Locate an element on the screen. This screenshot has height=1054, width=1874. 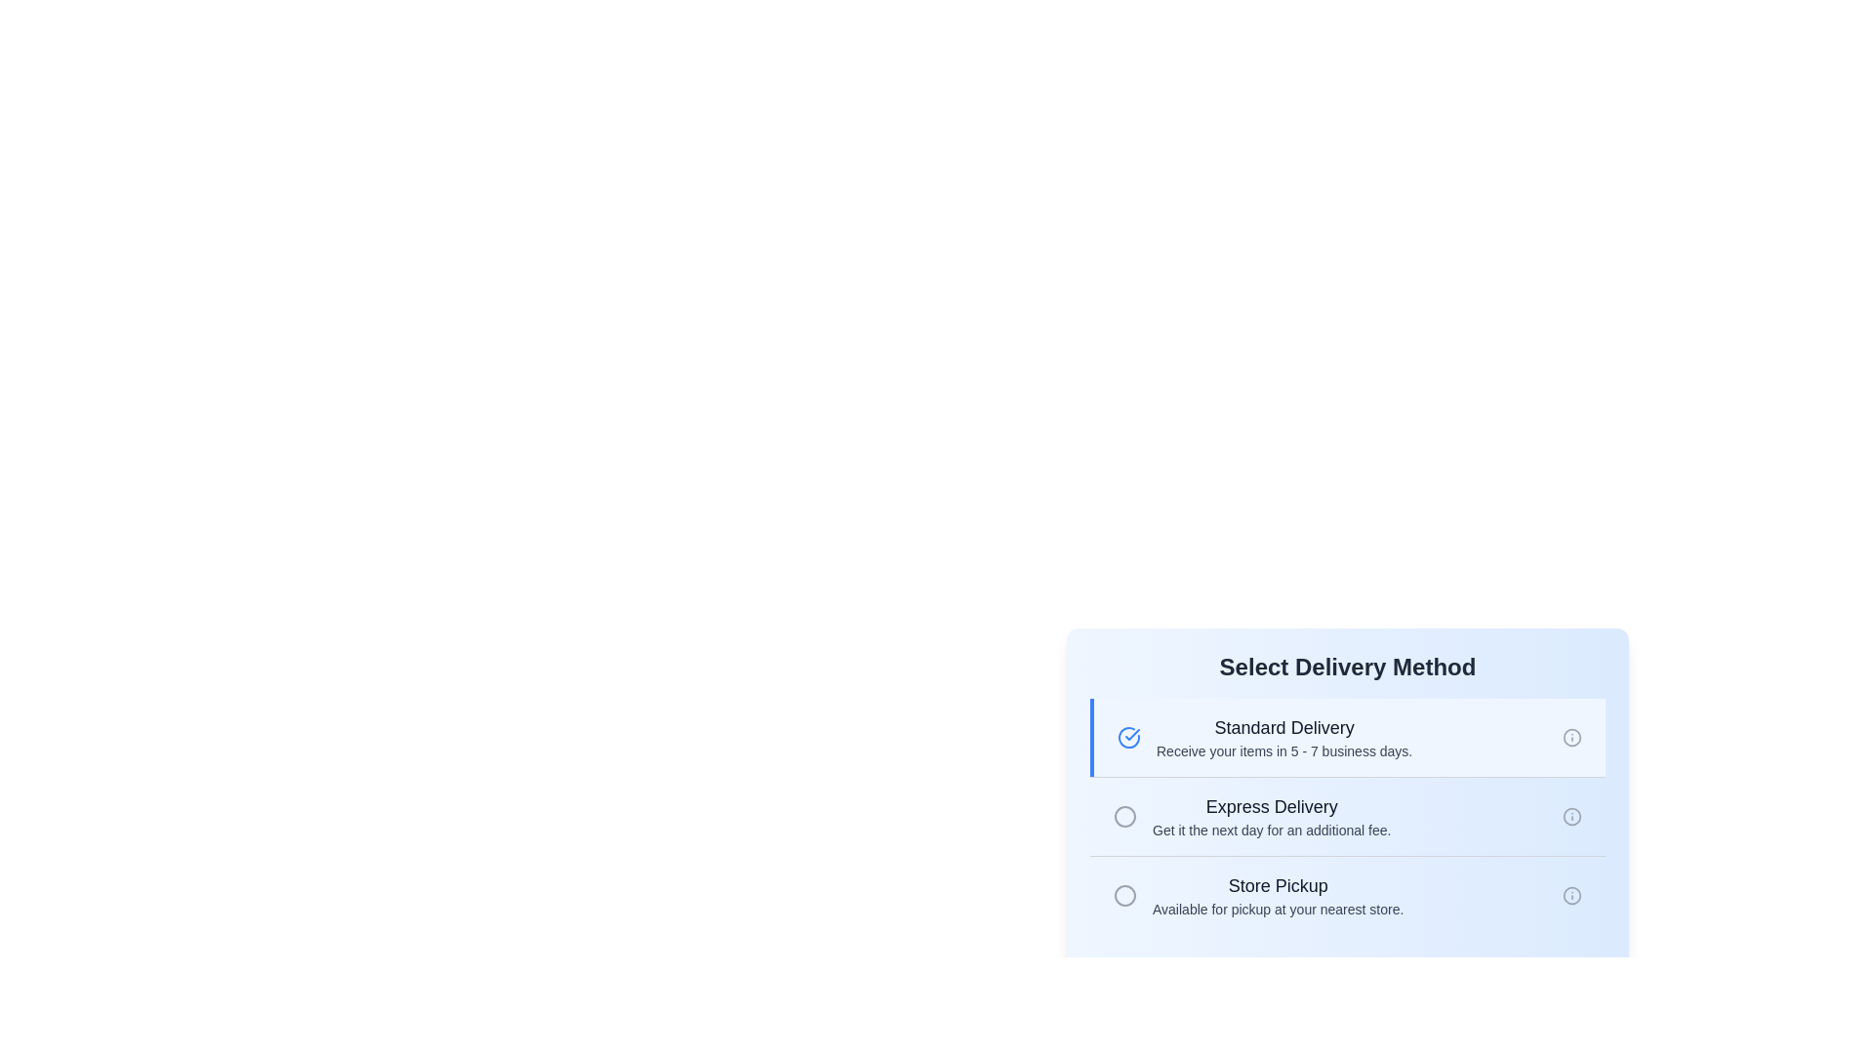
the Circle SVG component that serves as a graphical indicator for the 'Store Pickup' option in the delivery selection section is located at coordinates (1124, 896).